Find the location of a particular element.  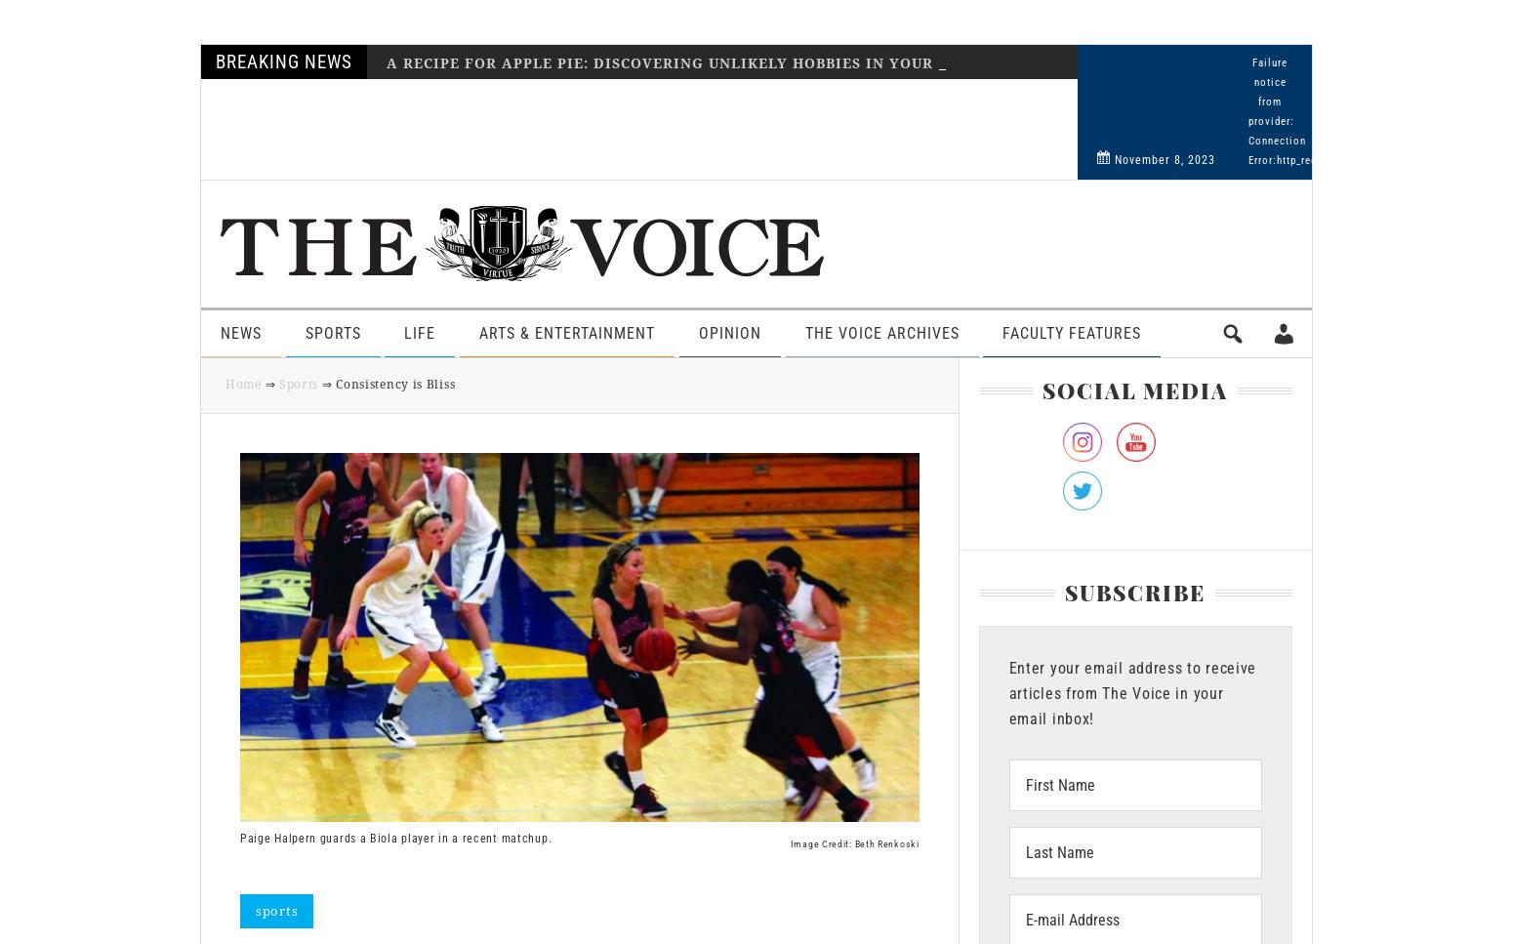

'November 8, 2023' is located at coordinates (1112, 160).